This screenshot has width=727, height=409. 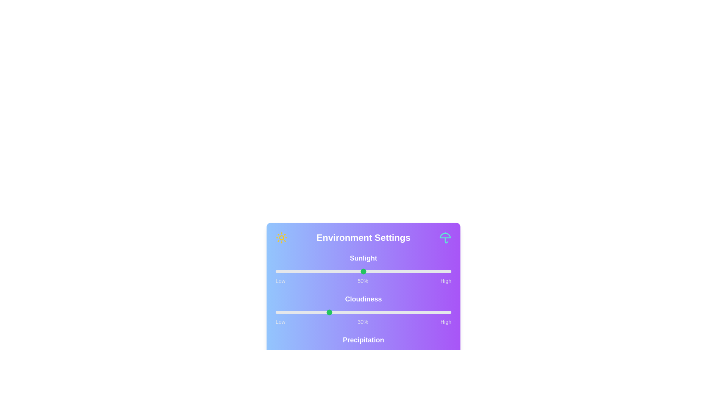 I want to click on the sunlight slider to 62%, so click(x=384, y=271).